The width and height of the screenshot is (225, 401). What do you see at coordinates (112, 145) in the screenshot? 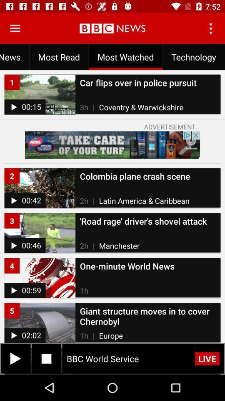
I see `open advertisement` at bounding box center [112, 145].